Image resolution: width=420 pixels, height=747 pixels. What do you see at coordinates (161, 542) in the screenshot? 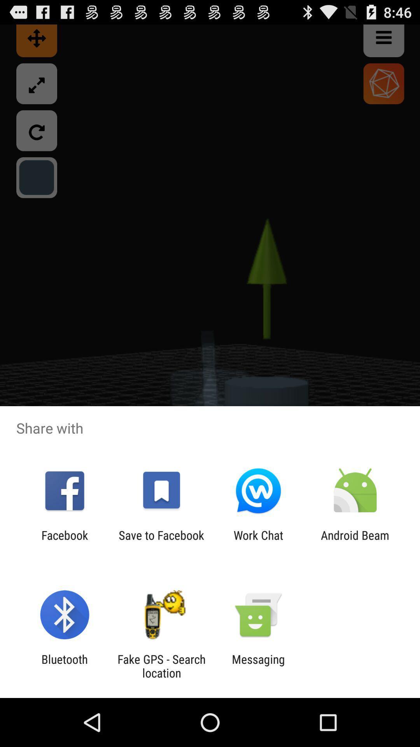
I see `item next to the facebook app` at bounding box center [161, 542].